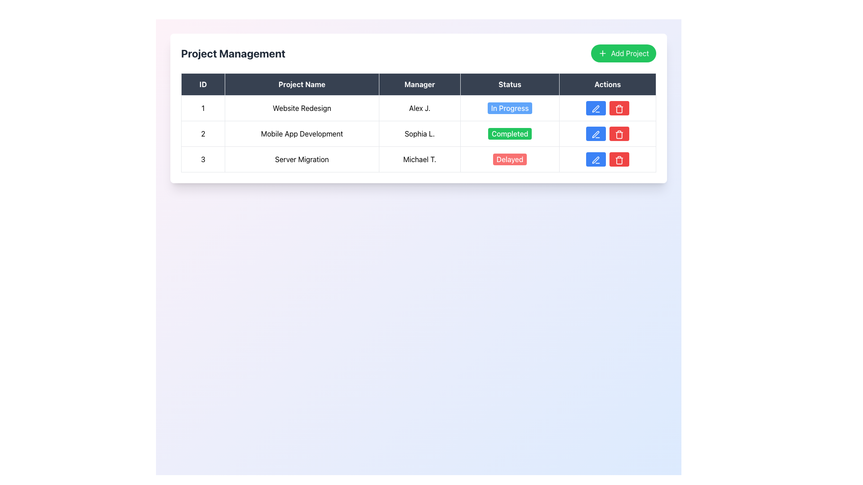 The height and width of the screenshot is (485, 863). What do you see at coordinates (608, 84) in the screenshot?
I see `the dark-colored rectangular Table Header Cell labeled 'Actions' which is the last column header in the table` at bounding box center [608, 84].